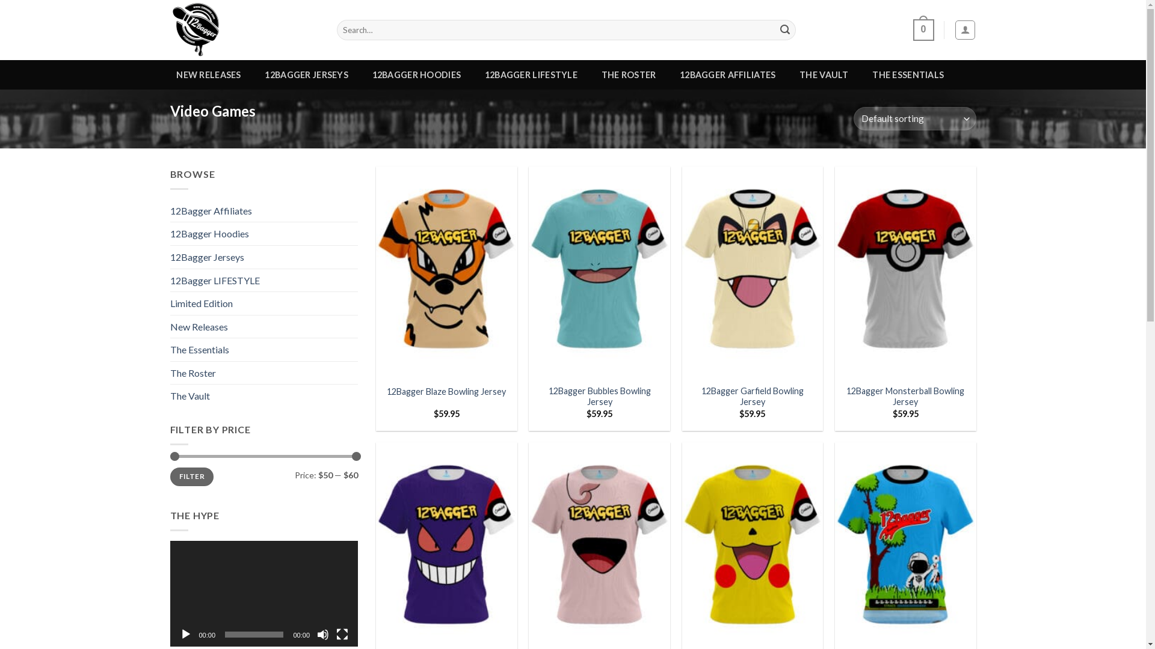  Describe the element at coordinates (908, 75) in the screenshot. I see `'THE ESSENTIALS'` at that location.